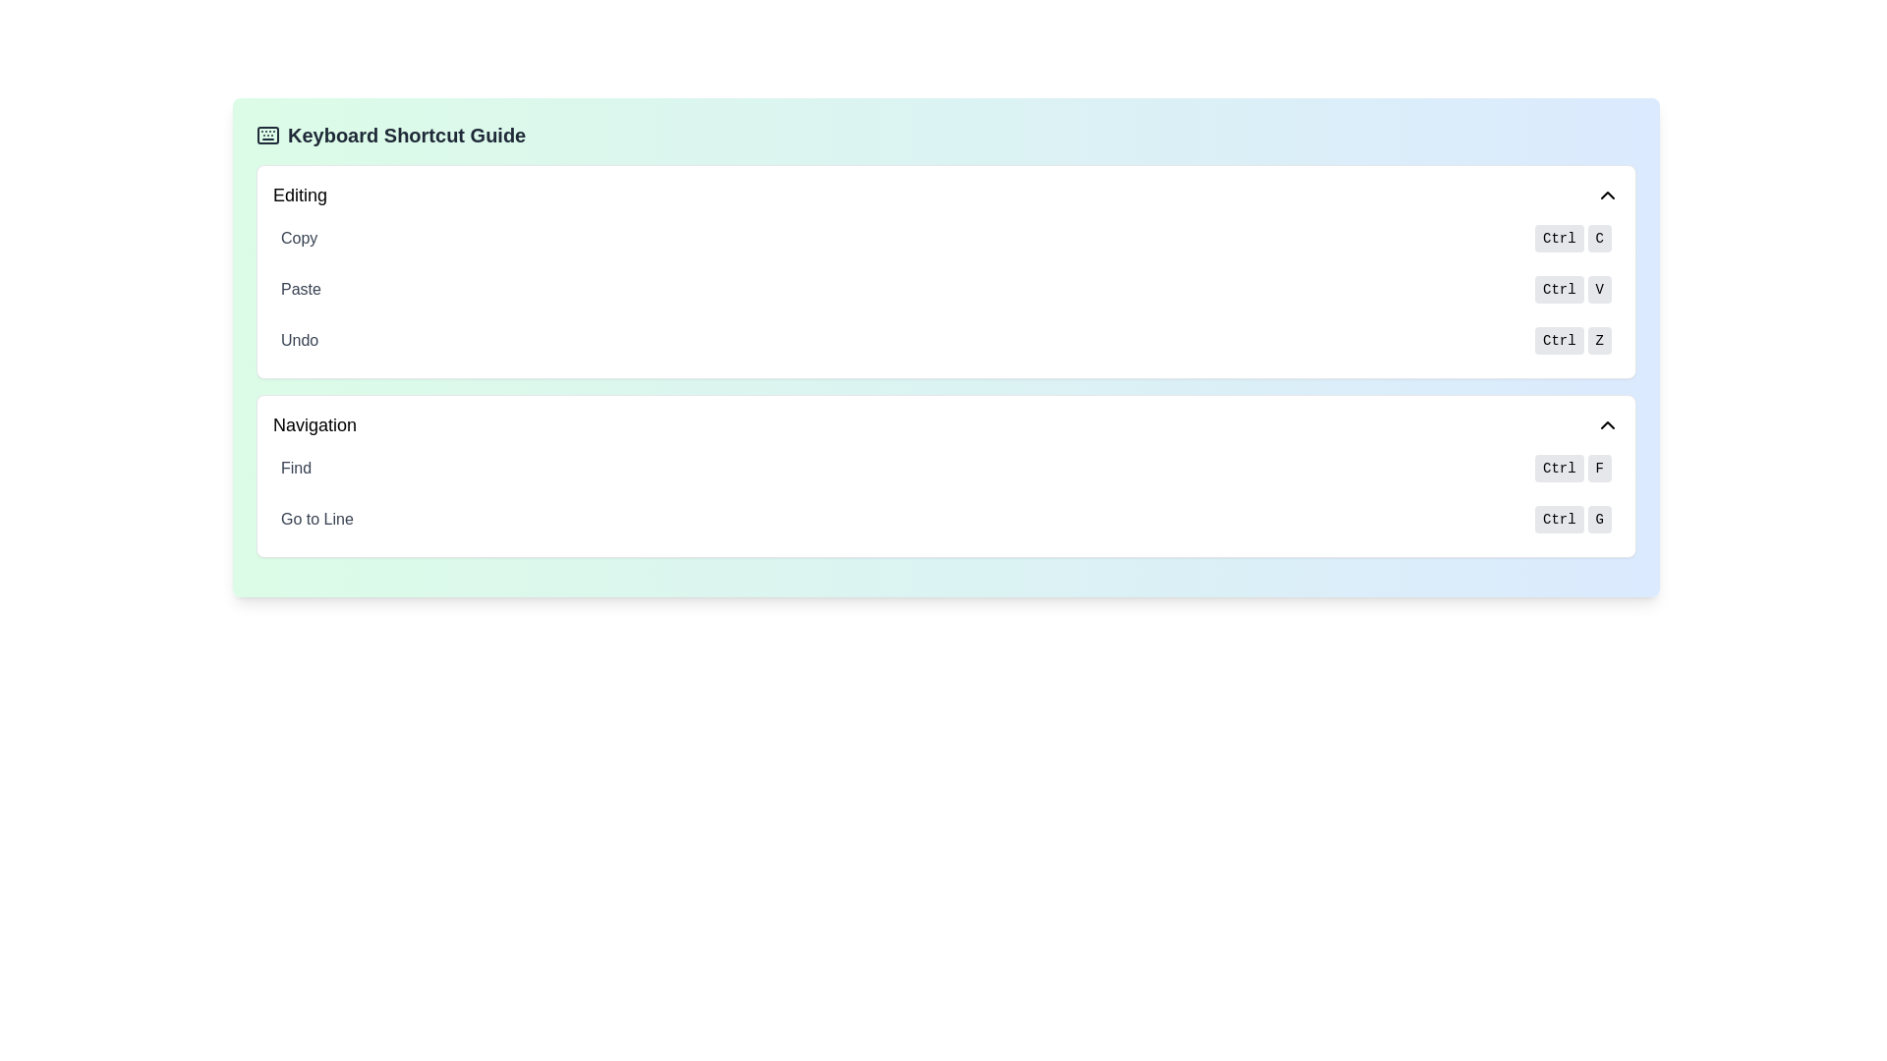 The image size is (1887, 1061). What do you see at coordinates (1599, 469) in the screenshot?
I see `the button labeled 'F' with a light-gray background, which is the second element in the keyboard shortcut pair next to 'Ctrl', located in the 'Find' row under 'Navigation'` at bounding box center [1599, 469].